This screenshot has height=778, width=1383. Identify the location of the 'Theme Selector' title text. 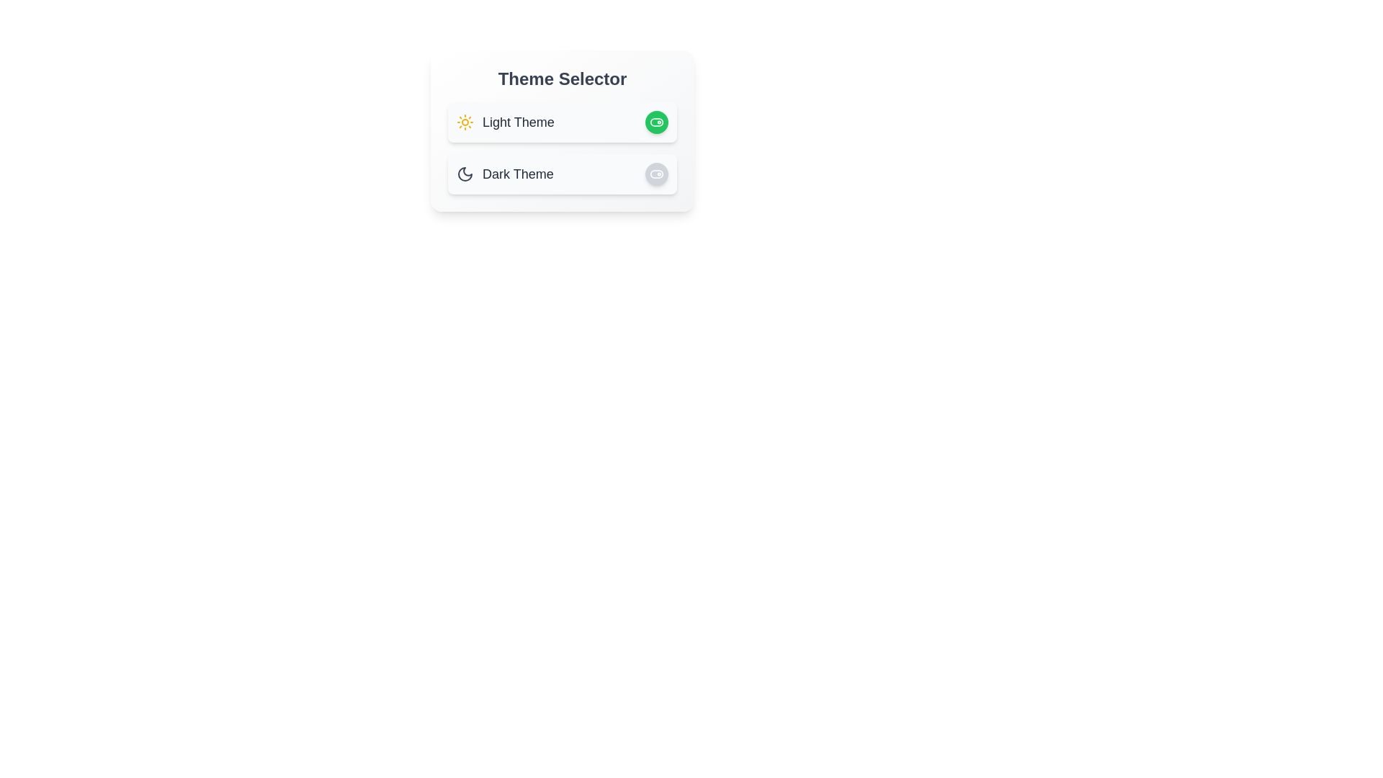
(562, 79).